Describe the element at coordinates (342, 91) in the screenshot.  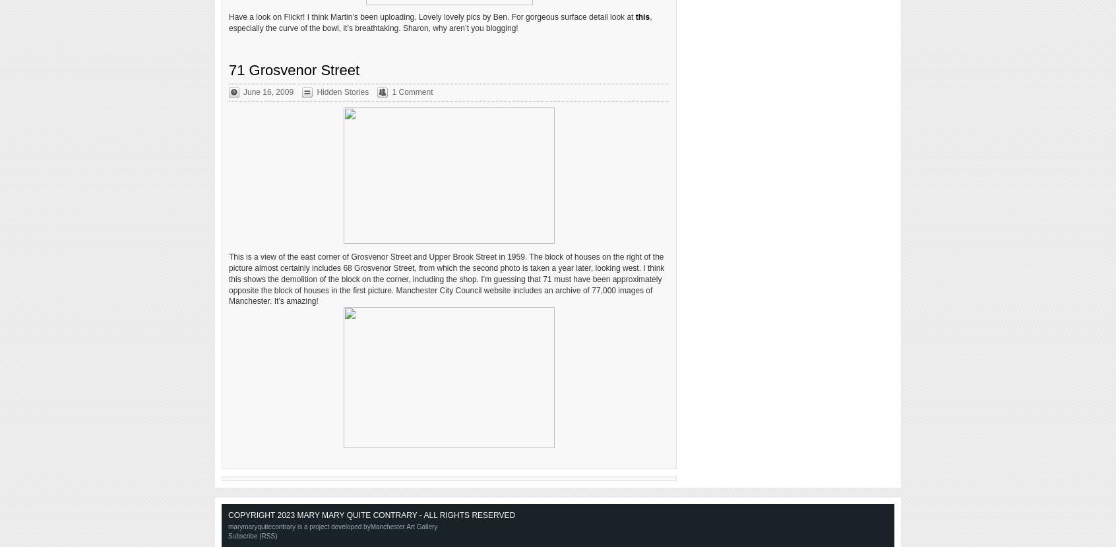
I see `'Hidden Stories'` at that location.